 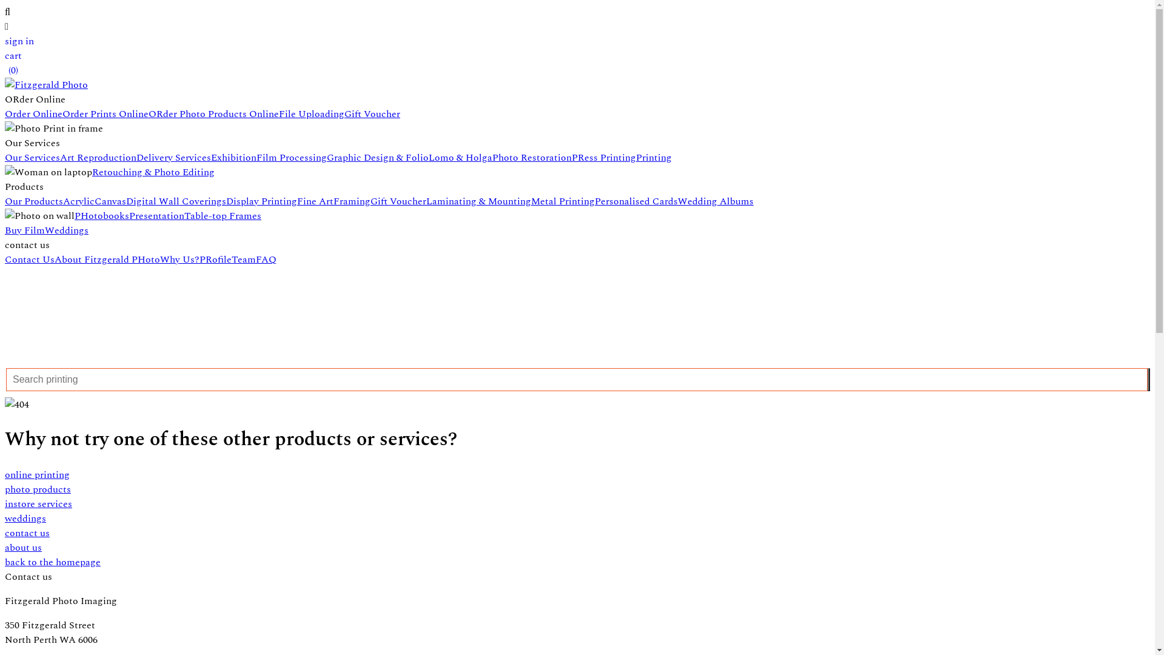 I want to click on 'sign in', so click(x=19, y=41).